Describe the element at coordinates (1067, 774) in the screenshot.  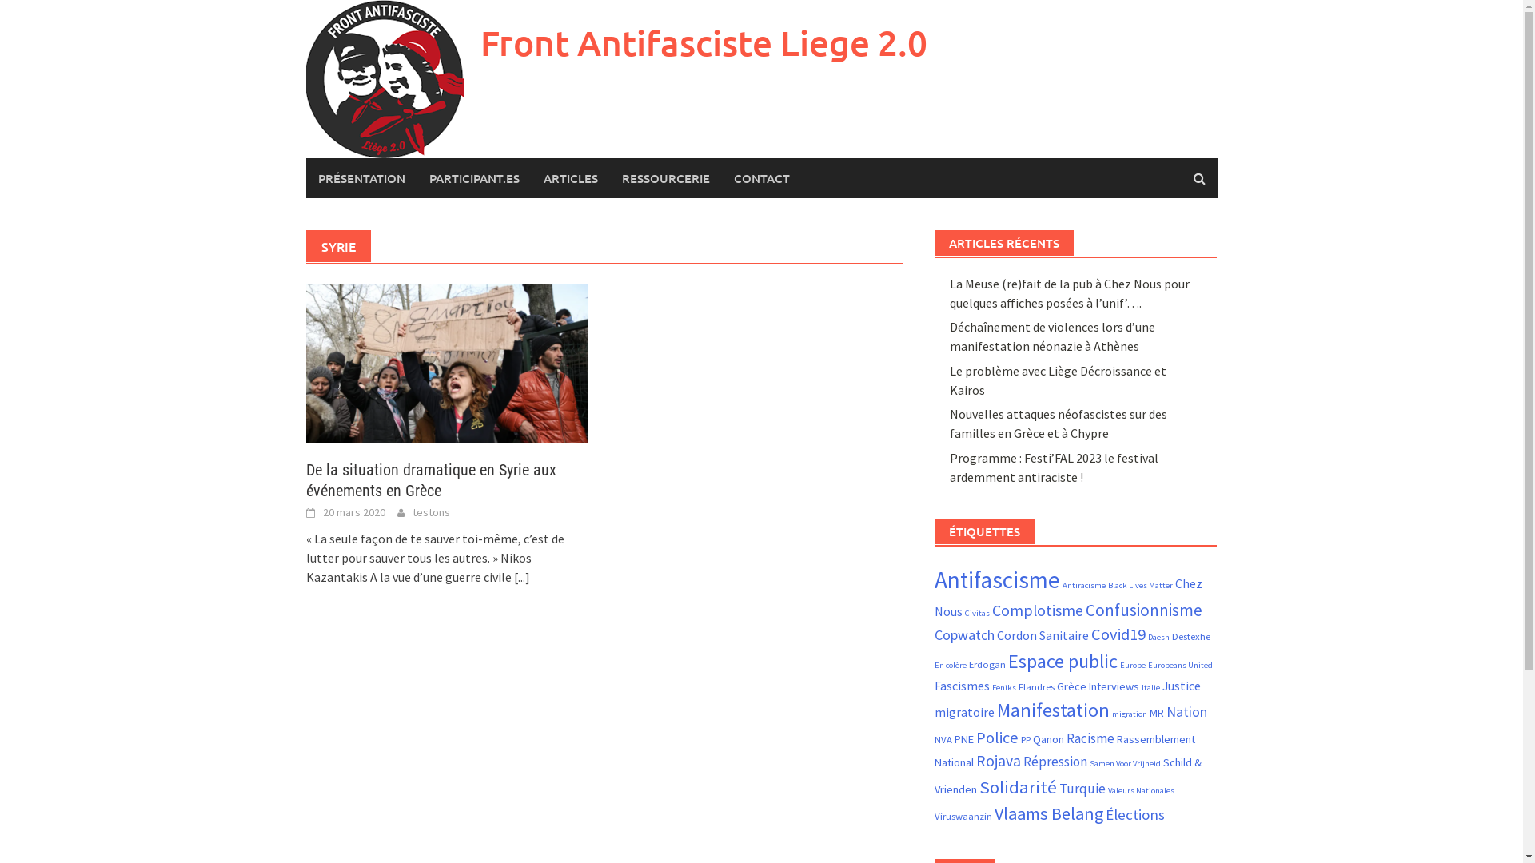
I see `'Schild & Vrienden'` at that location.